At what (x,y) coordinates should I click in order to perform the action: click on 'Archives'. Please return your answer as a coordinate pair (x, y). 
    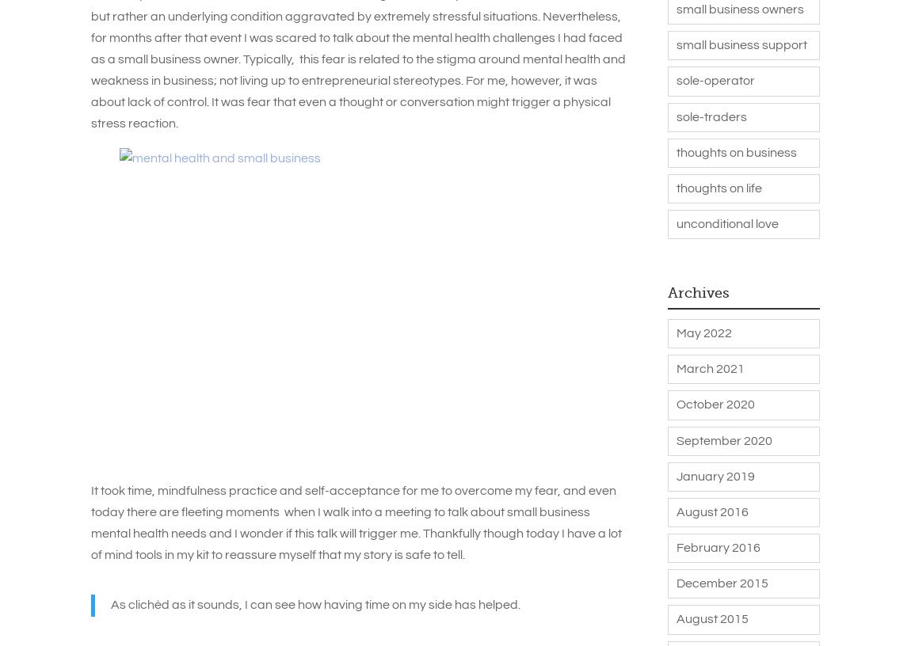
    Looking at the image, I should click on (698, 291).